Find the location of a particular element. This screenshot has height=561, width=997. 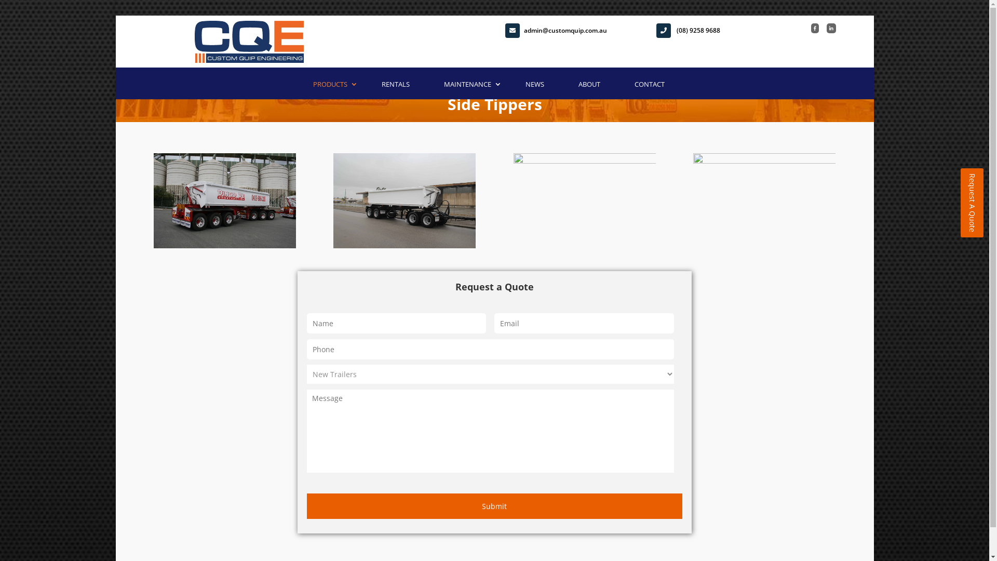

'(08) 9258 9688' is located at coordinates (667, 32).